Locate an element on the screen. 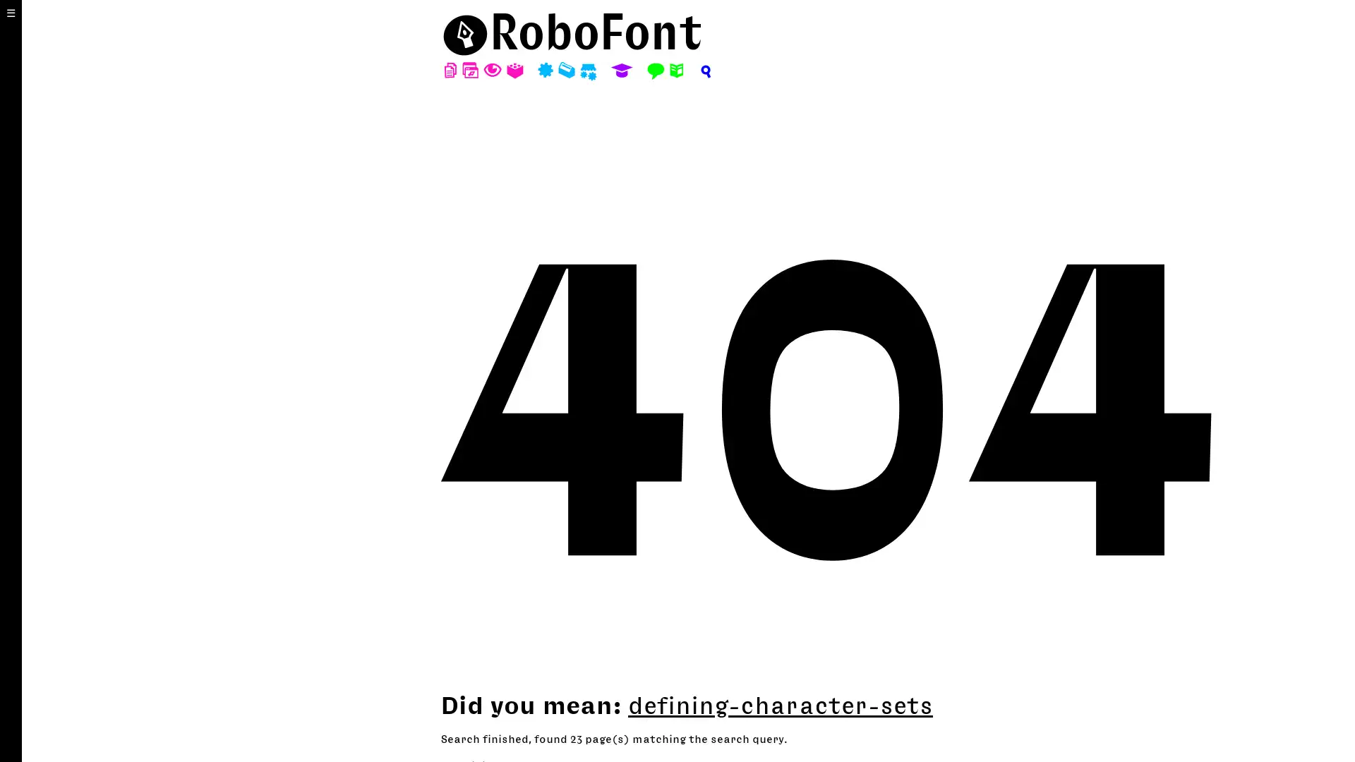  ? is located at coordinates (704, 71).